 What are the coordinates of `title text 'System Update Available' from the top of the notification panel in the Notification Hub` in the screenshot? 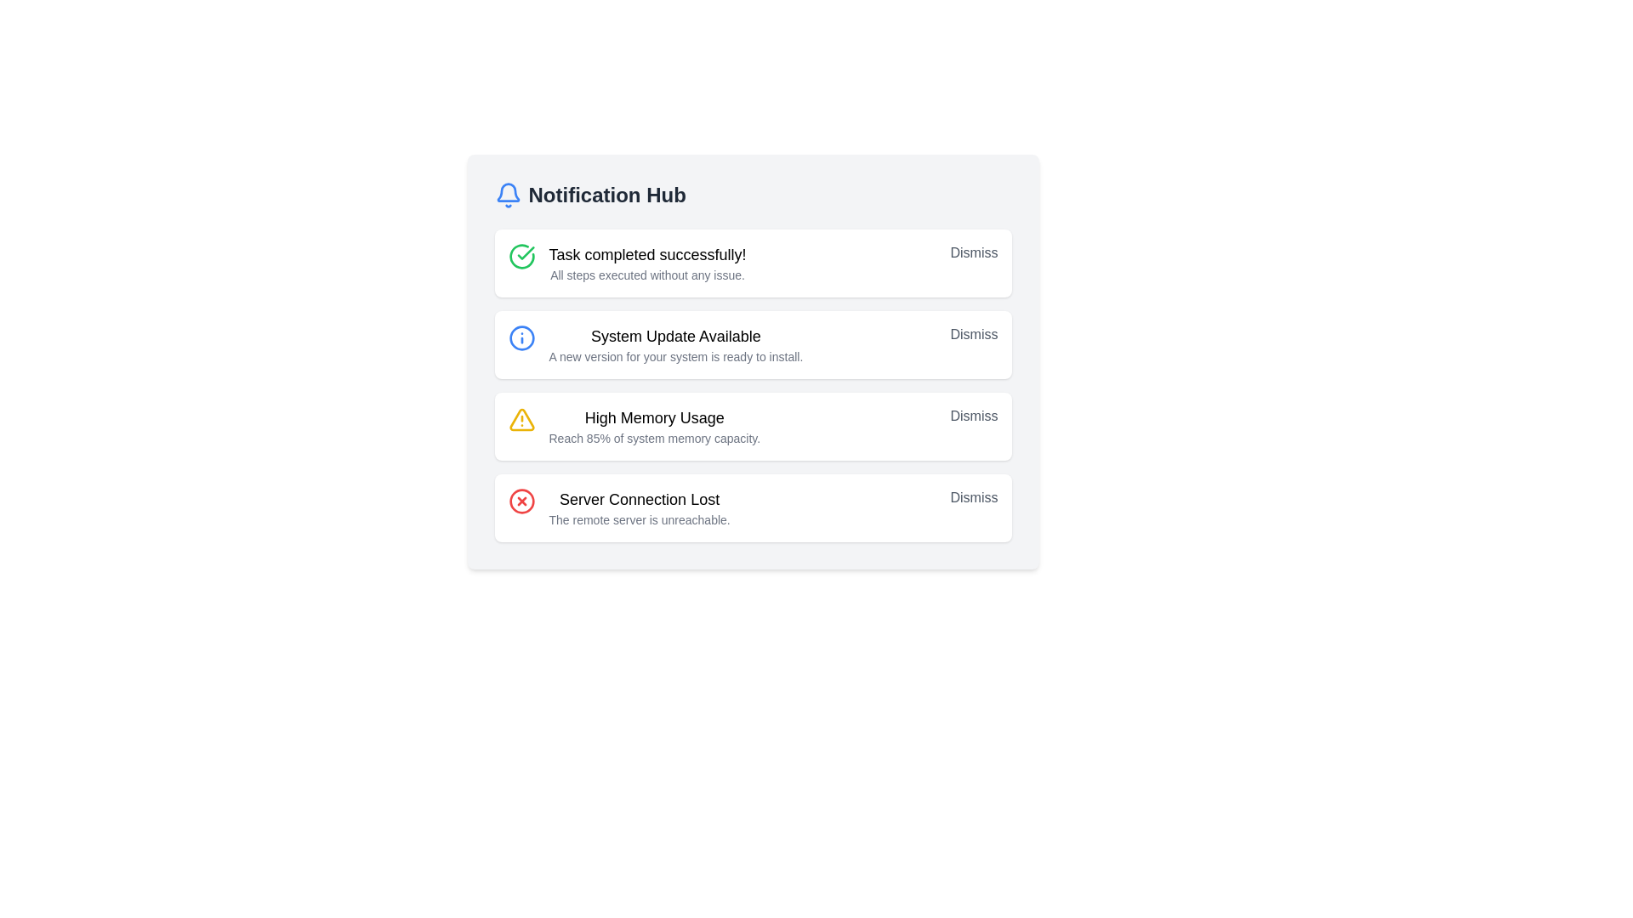 It's located at (674, 337).